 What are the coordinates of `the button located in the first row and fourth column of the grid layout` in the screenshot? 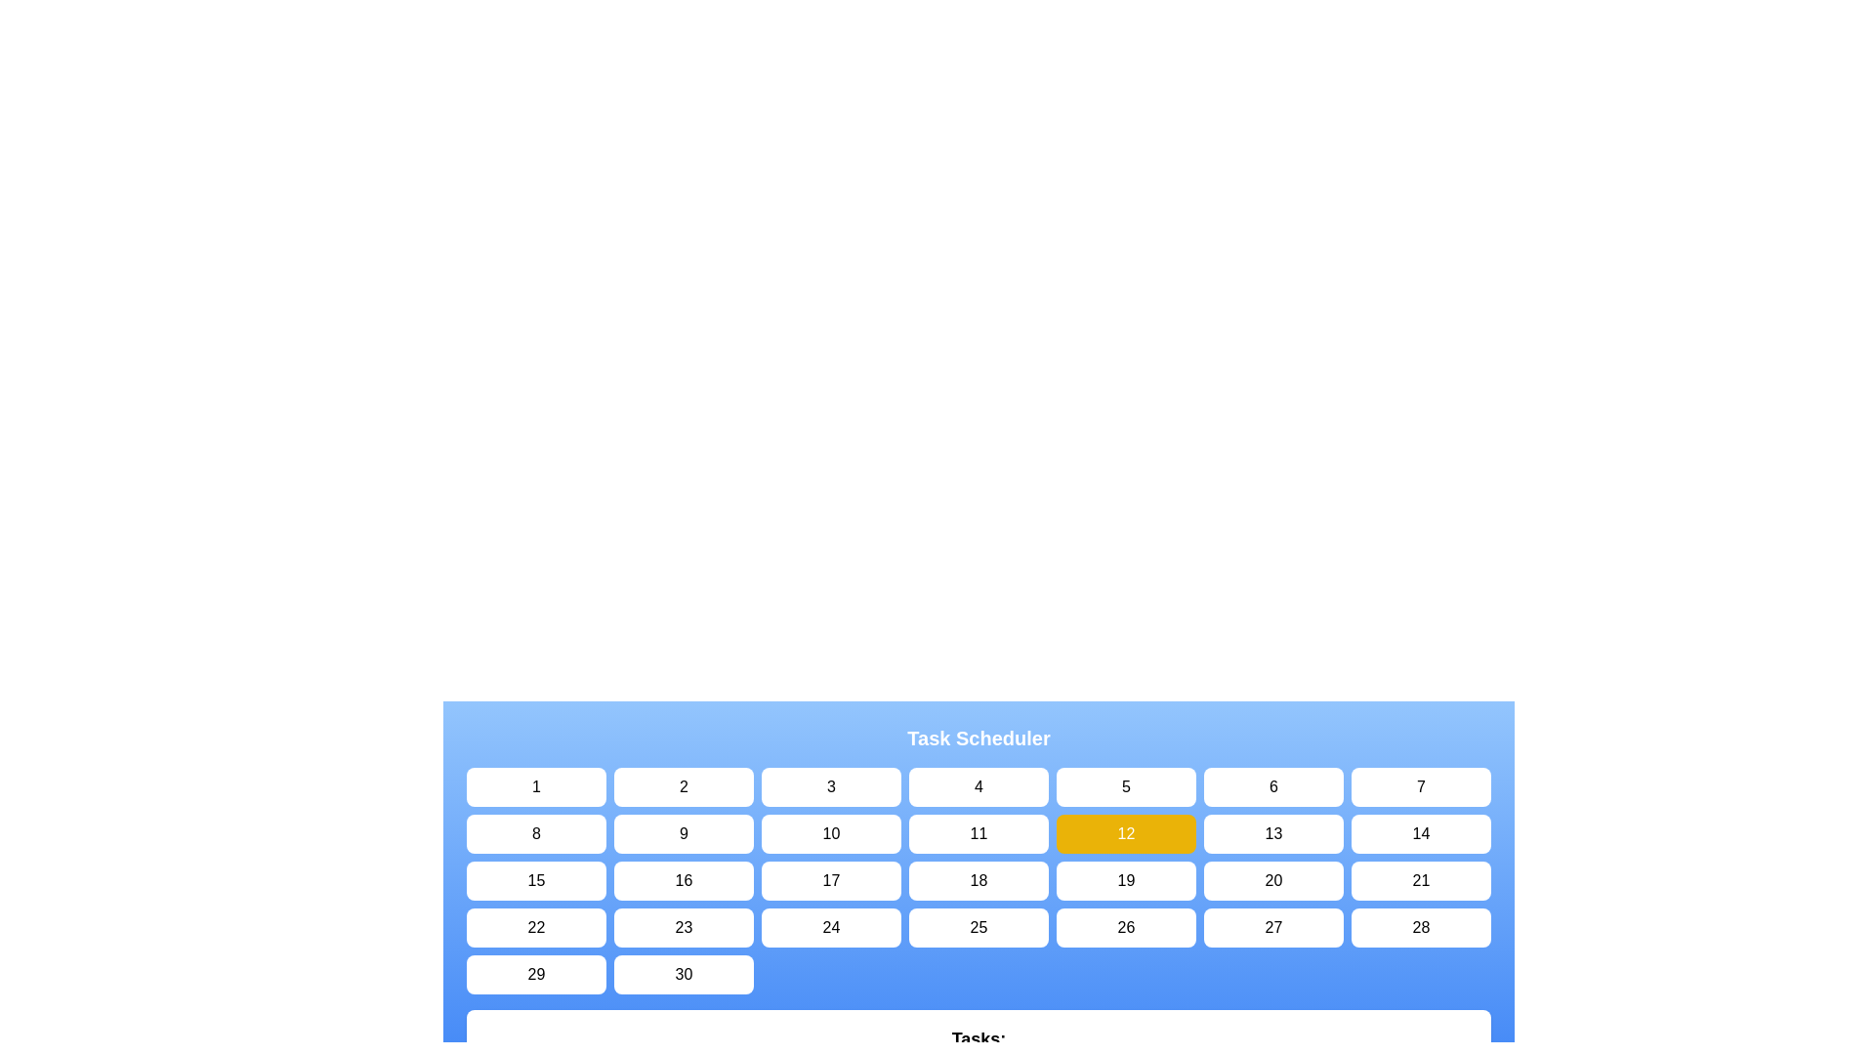 It's located at (979, 786).